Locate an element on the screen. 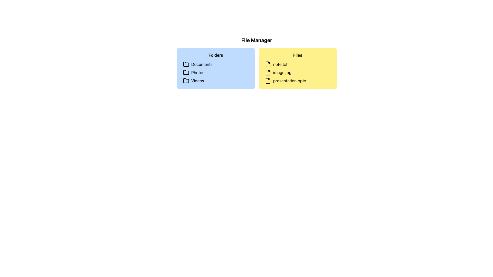  the folder icon representing the 'Documents' folder, located to the left of the 'Documents' label is located at coordinates (186, 64).